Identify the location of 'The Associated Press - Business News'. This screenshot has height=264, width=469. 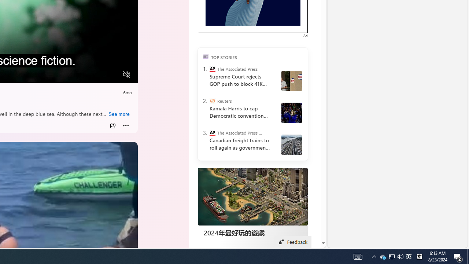
(212, 133).